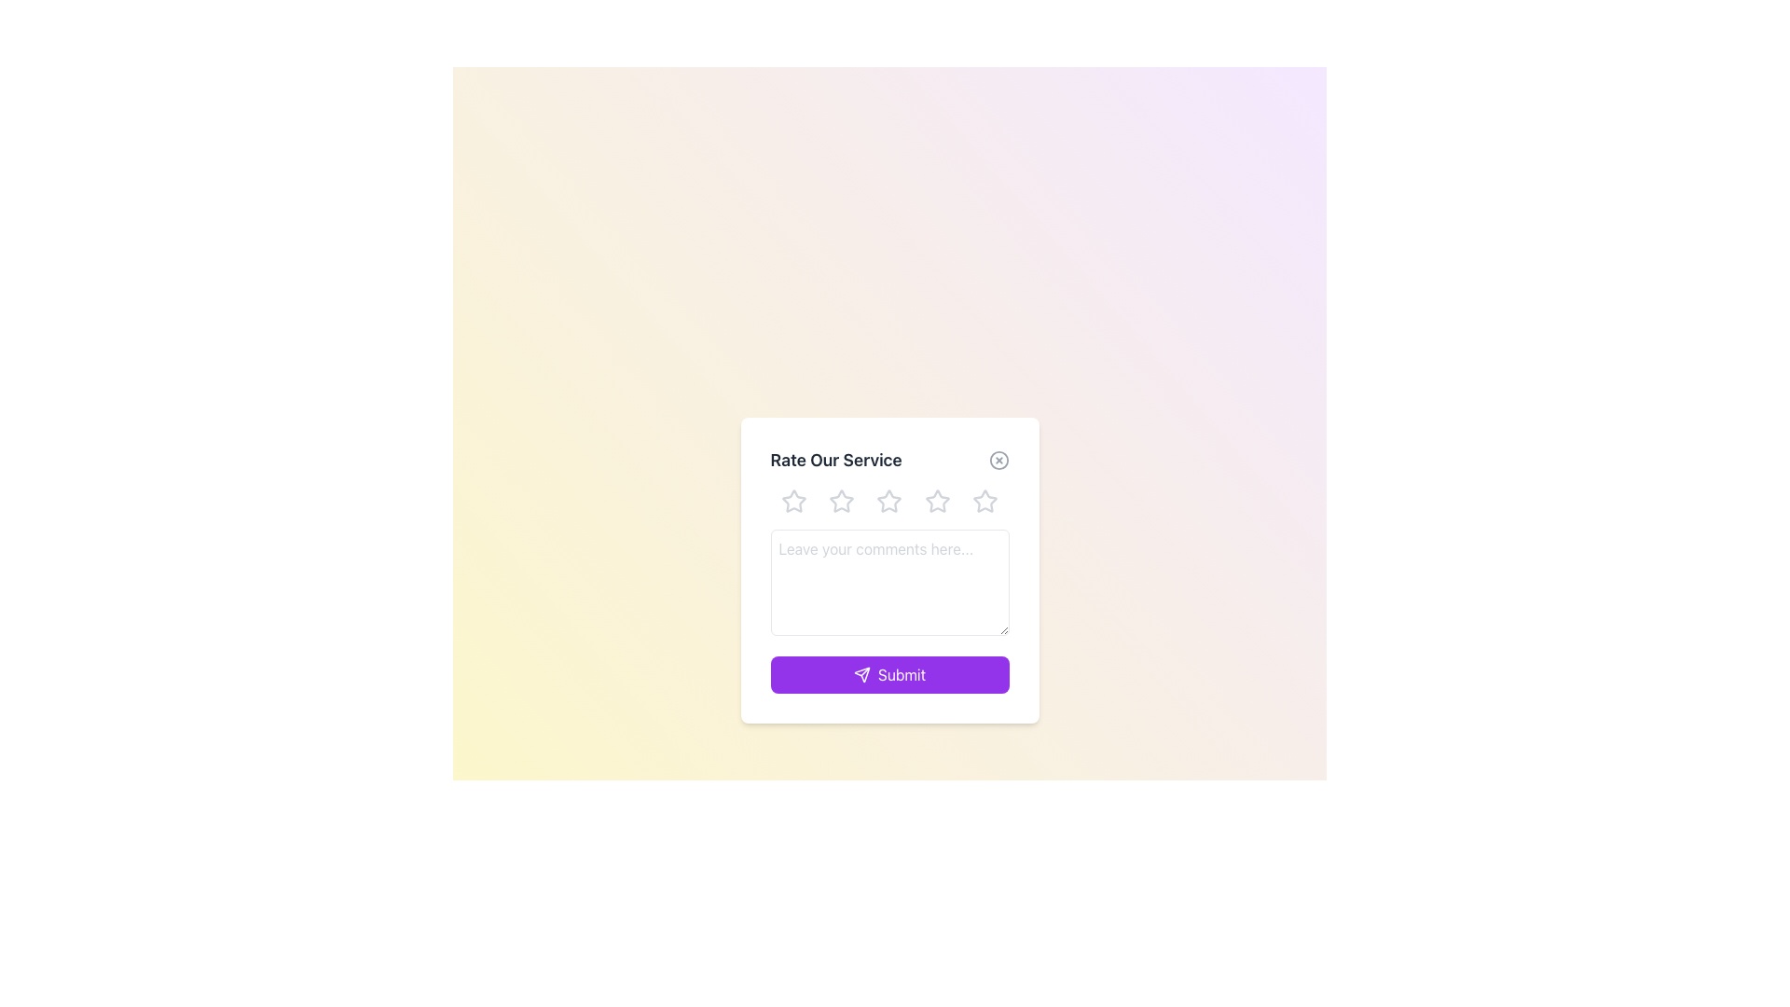 The width and height of the screenshot is (1790, 1007). What do you see at coordinates (794, 500) in the screenshot?
I see `the first star icon in the horizontal row` at bounding box center [794, 500].